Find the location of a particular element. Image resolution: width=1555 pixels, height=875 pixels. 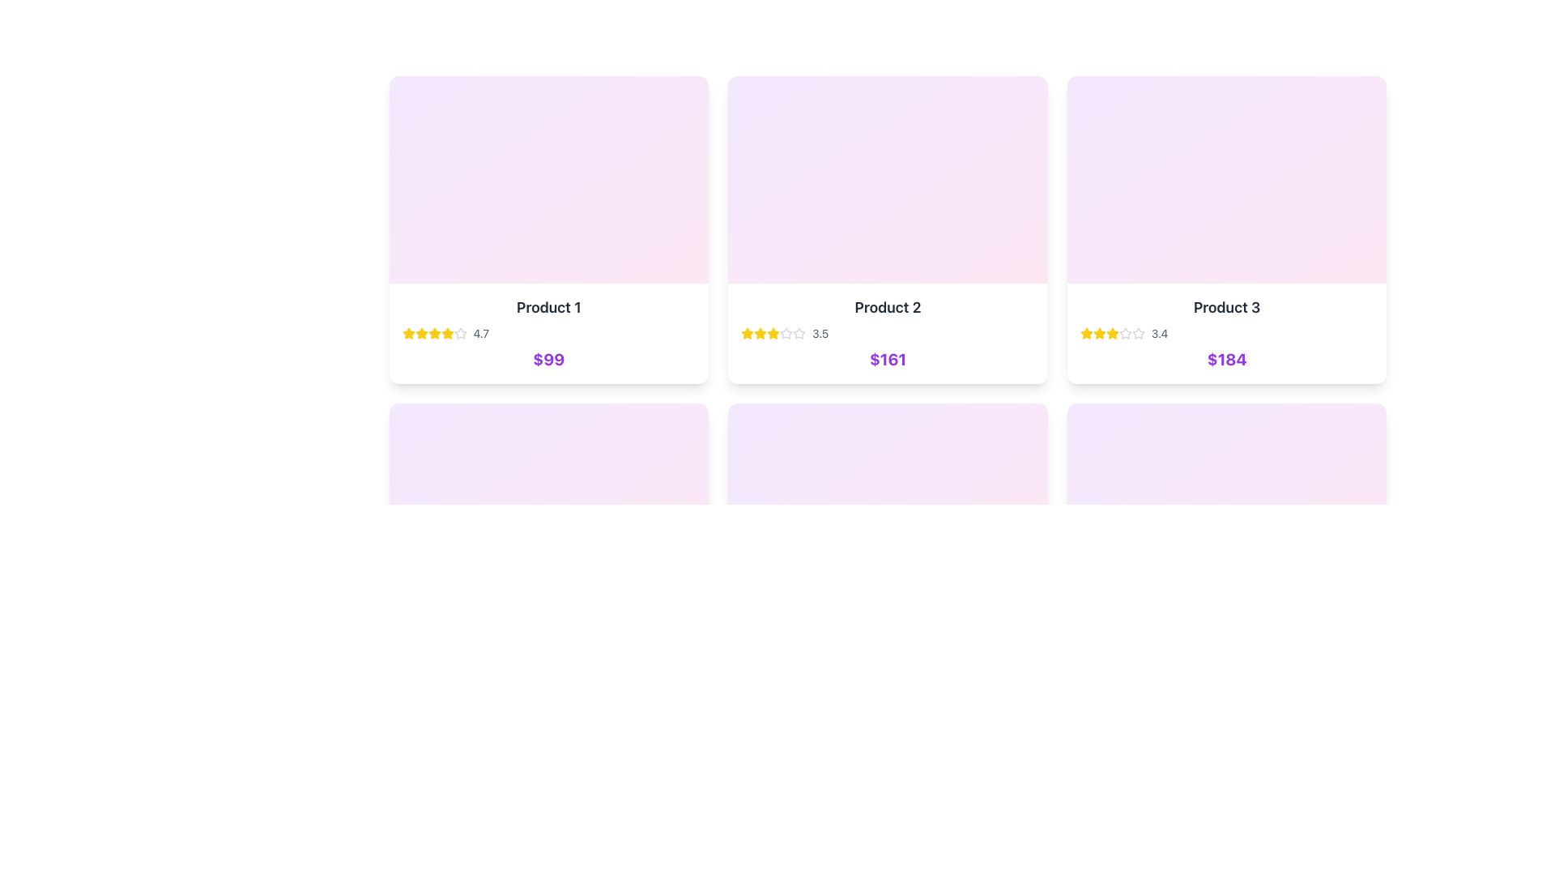

the product summary card located in the third position from the left in the top row of product cards, which displays the product's name, rating, and price is located at coordinates (1227, 333).